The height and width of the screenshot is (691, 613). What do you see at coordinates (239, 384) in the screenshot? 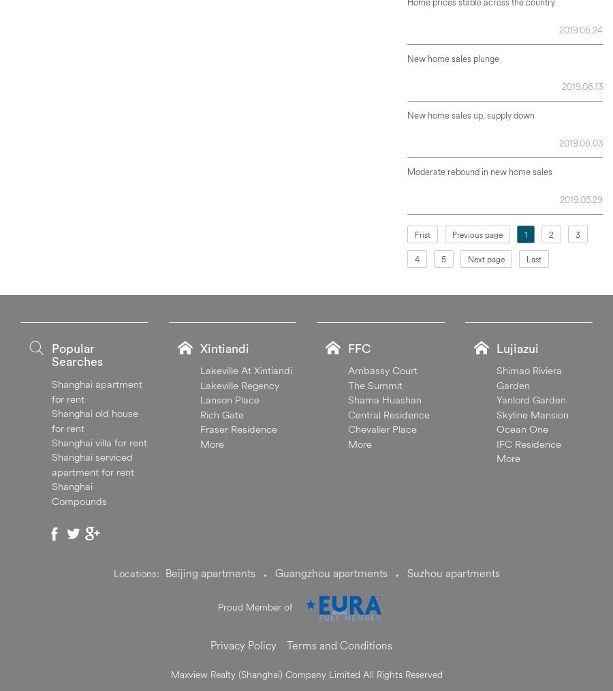
I see `'Lakeville Regency'` at bounding box center [239, 384].